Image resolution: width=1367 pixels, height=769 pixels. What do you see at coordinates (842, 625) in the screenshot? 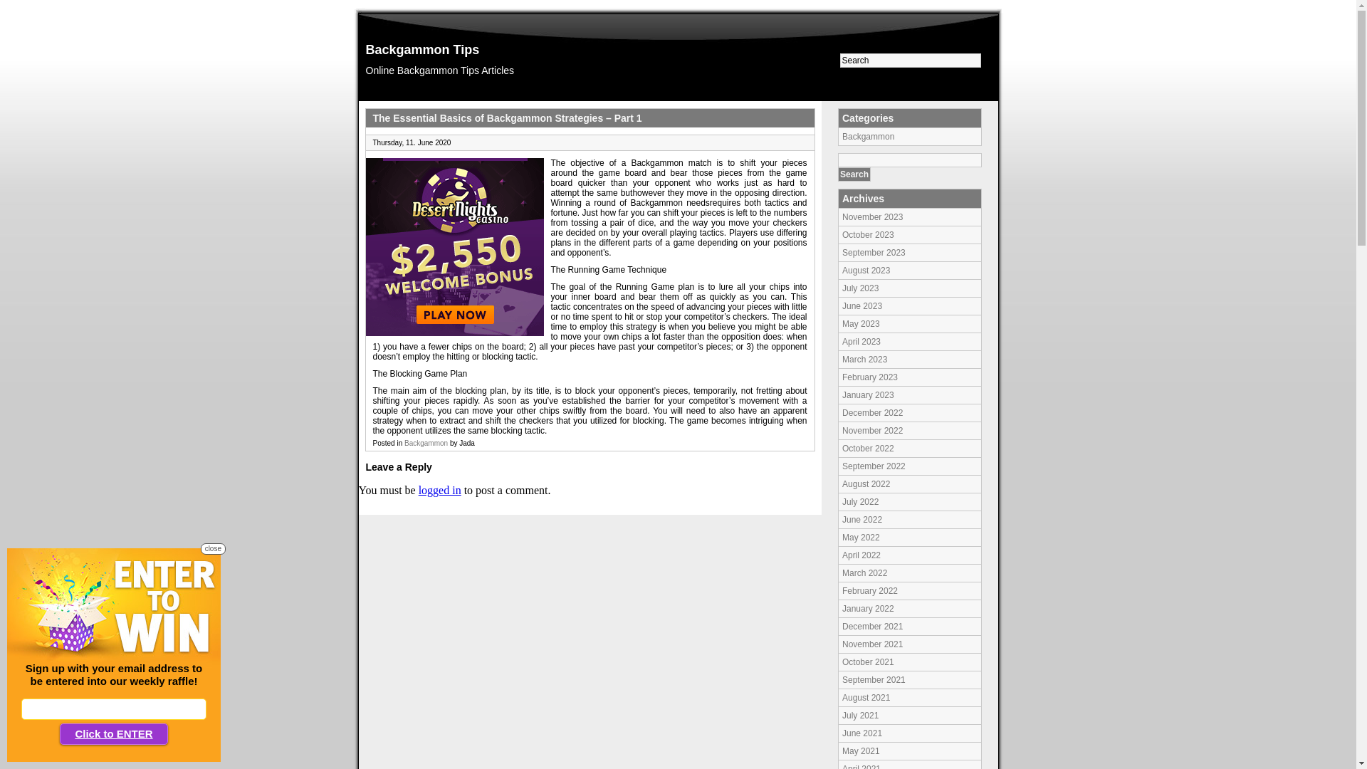
I see `'December 2021'` at bounding box center [842, 625].